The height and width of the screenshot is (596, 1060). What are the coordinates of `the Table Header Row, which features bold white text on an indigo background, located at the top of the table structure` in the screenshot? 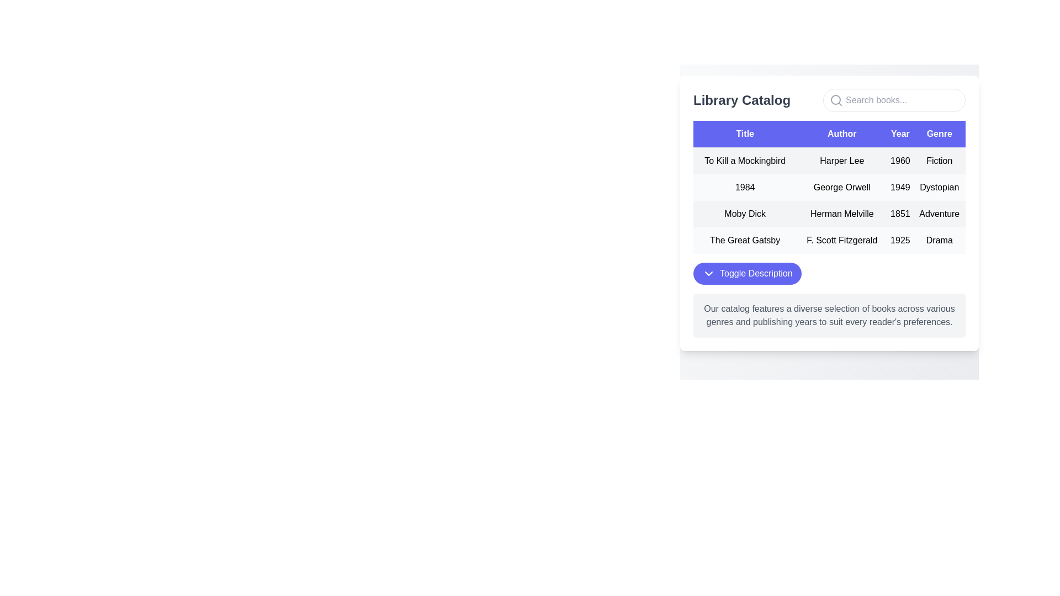 It's located at (829, 134).